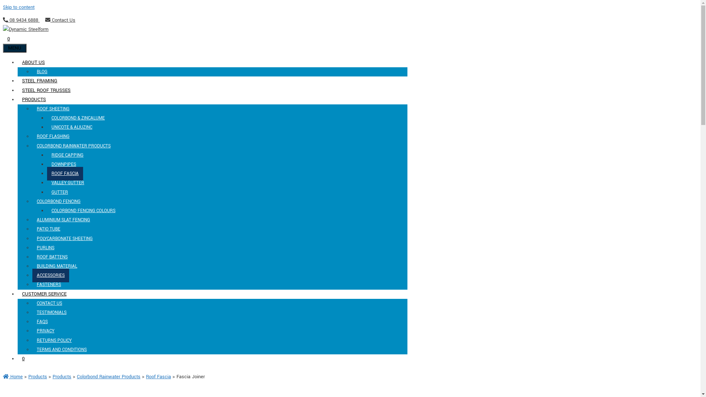 Image resolution: width=706 pixels, height=397 pixels. I want to click on 'MENU', so click(3, 48).